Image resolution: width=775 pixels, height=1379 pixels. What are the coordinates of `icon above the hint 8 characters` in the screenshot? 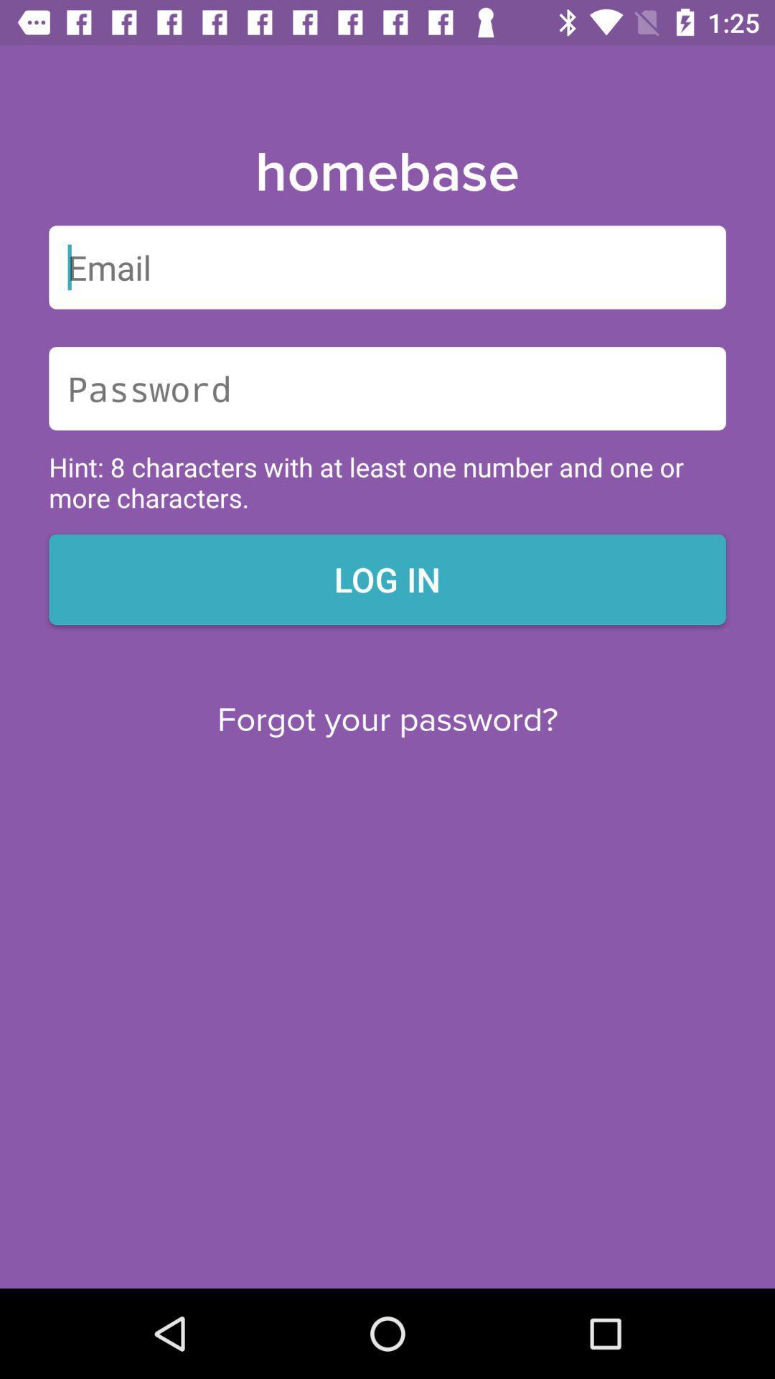 It's located at (387, 389).